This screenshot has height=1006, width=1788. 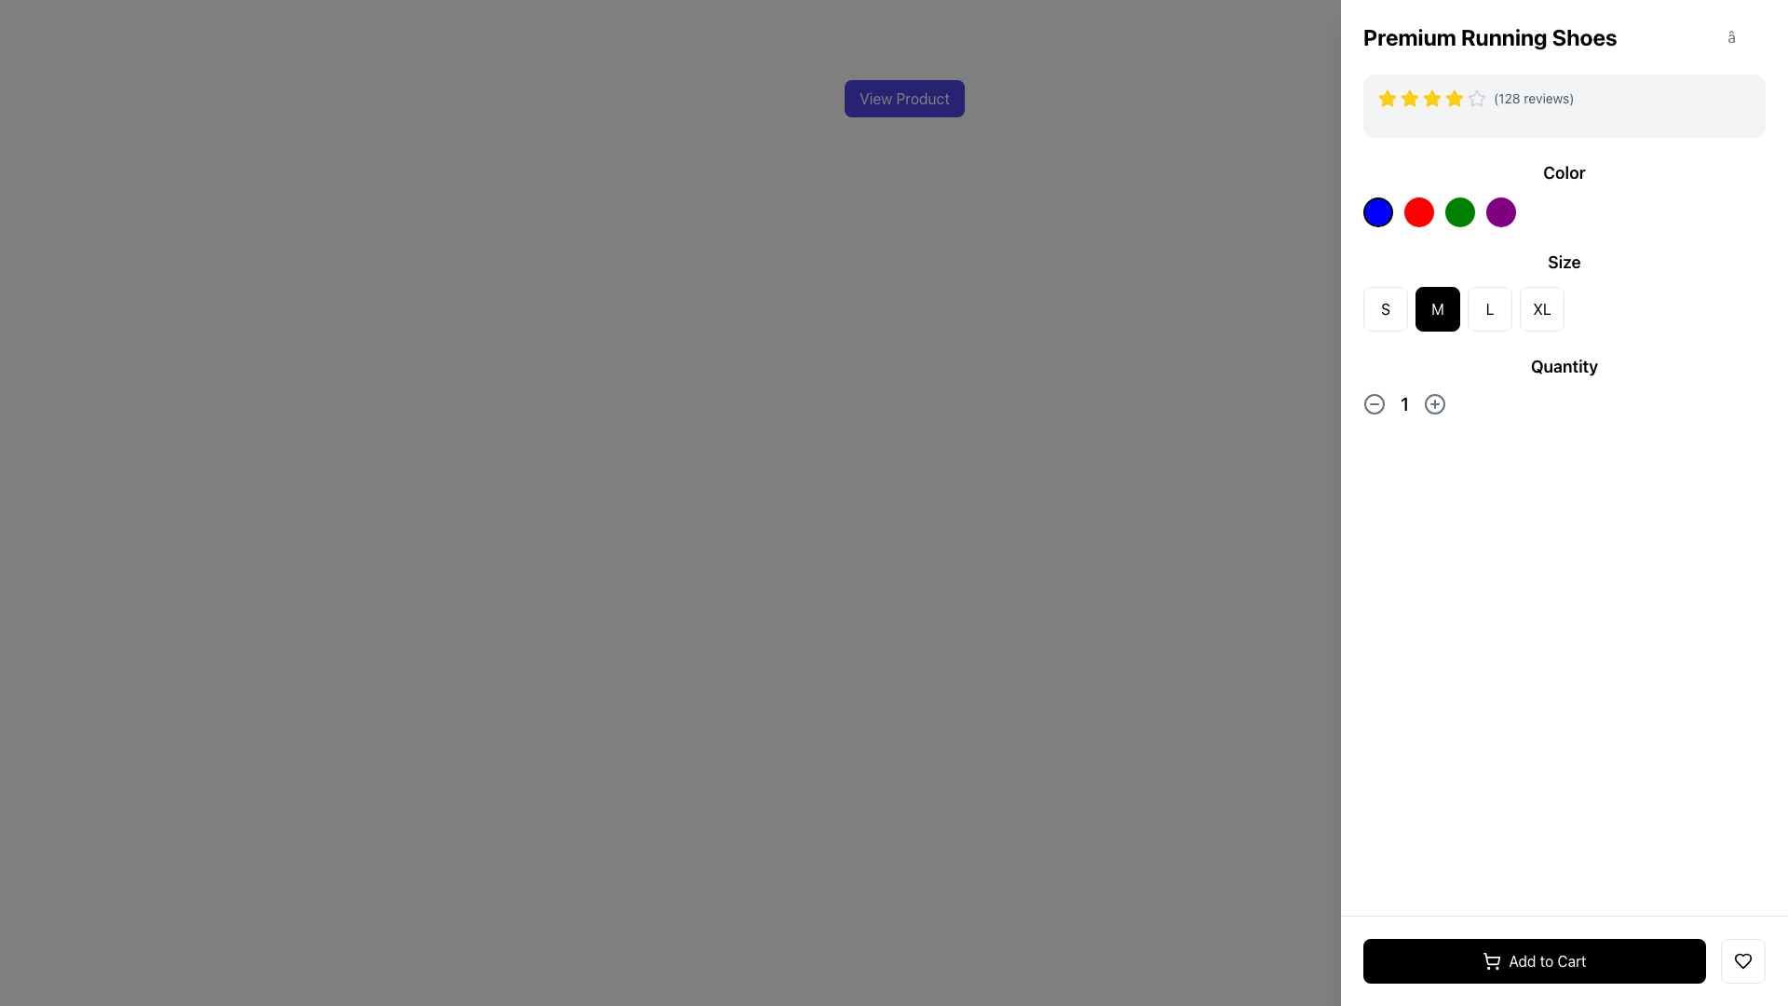 I want to click on the 'XL' size button located in the 'Size' section under the 'Premium Running Shoes' header, so click(x=1542, y=307).